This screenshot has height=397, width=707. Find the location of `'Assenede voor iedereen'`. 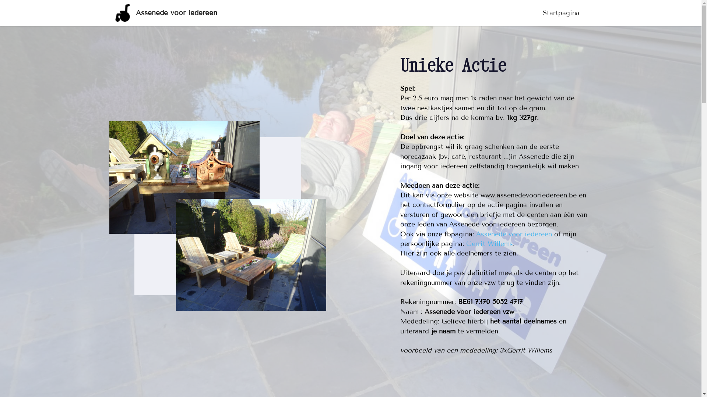

'Assenede voor iedereen' is located at coordinates (513, 234).